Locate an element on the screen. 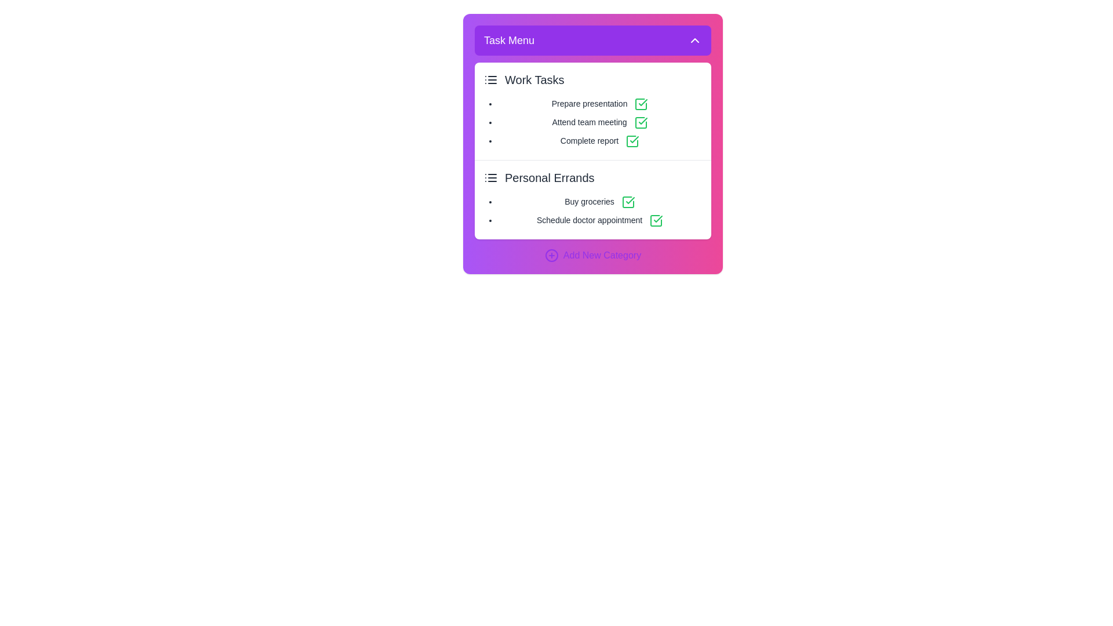 This screenshot has width=1113, height=626. the task named Attend team meeting in the task list is located at coordinates (600, 123).